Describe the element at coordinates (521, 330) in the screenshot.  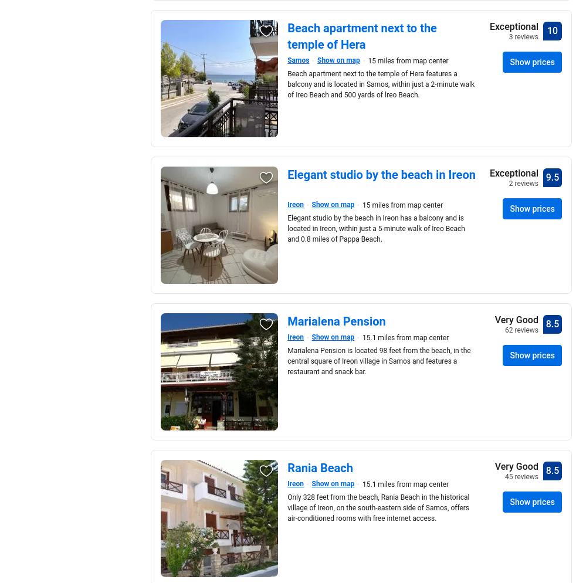
I see `'62 reviews'` at that location.